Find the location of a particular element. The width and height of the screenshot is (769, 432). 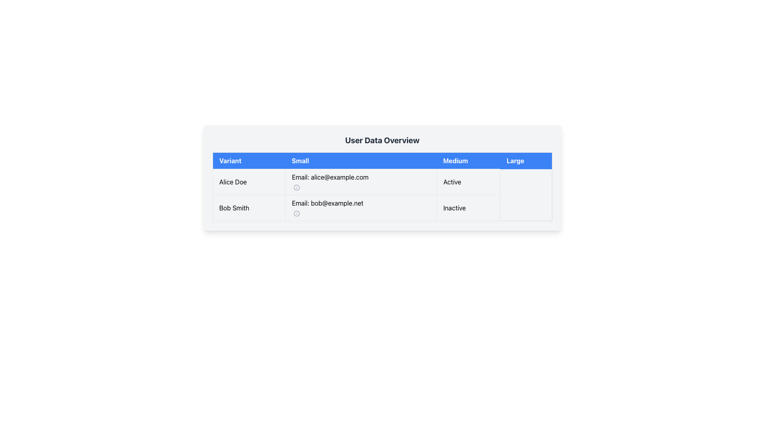

the static text label displaying the email address associated with 'Bob Smith' in the second row under the 'Small' column in the table is located at coordinates (360, 203).